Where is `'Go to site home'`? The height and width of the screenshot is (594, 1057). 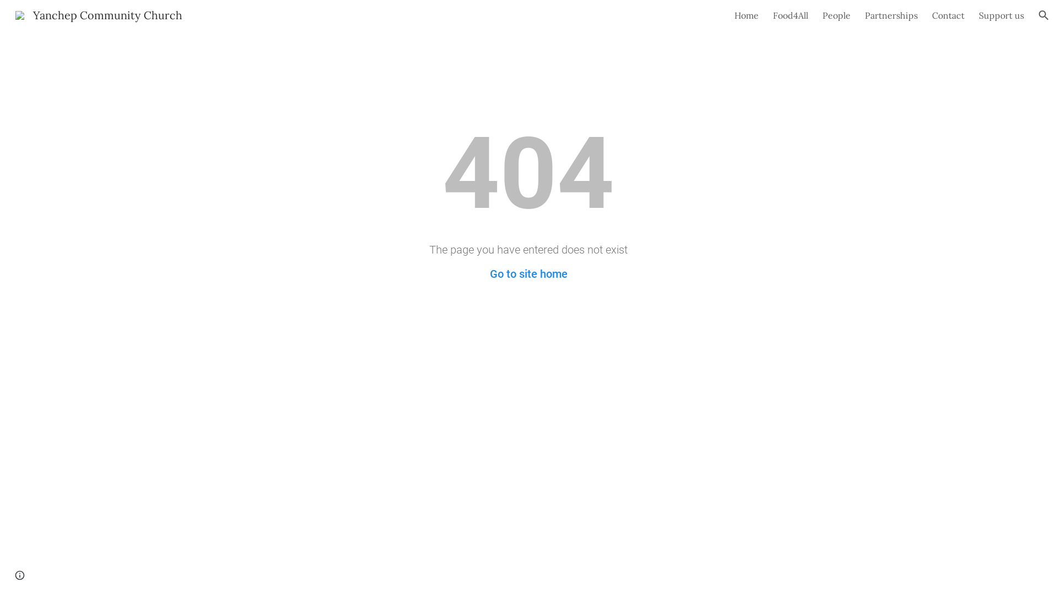 'Go to site home' is located at coordinates (528, 273).